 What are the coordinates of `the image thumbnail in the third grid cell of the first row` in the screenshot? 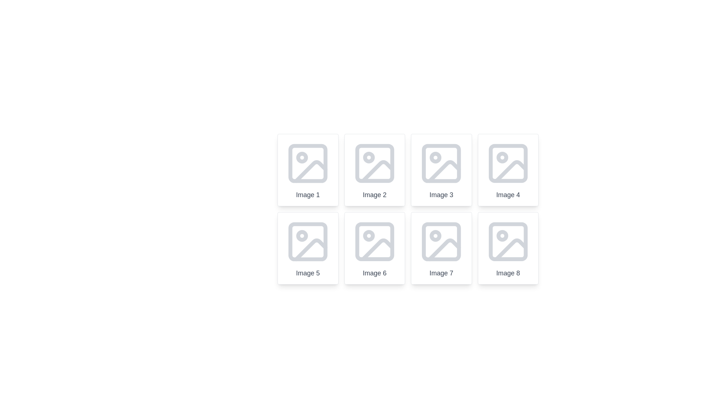 It's located at (408, 209).